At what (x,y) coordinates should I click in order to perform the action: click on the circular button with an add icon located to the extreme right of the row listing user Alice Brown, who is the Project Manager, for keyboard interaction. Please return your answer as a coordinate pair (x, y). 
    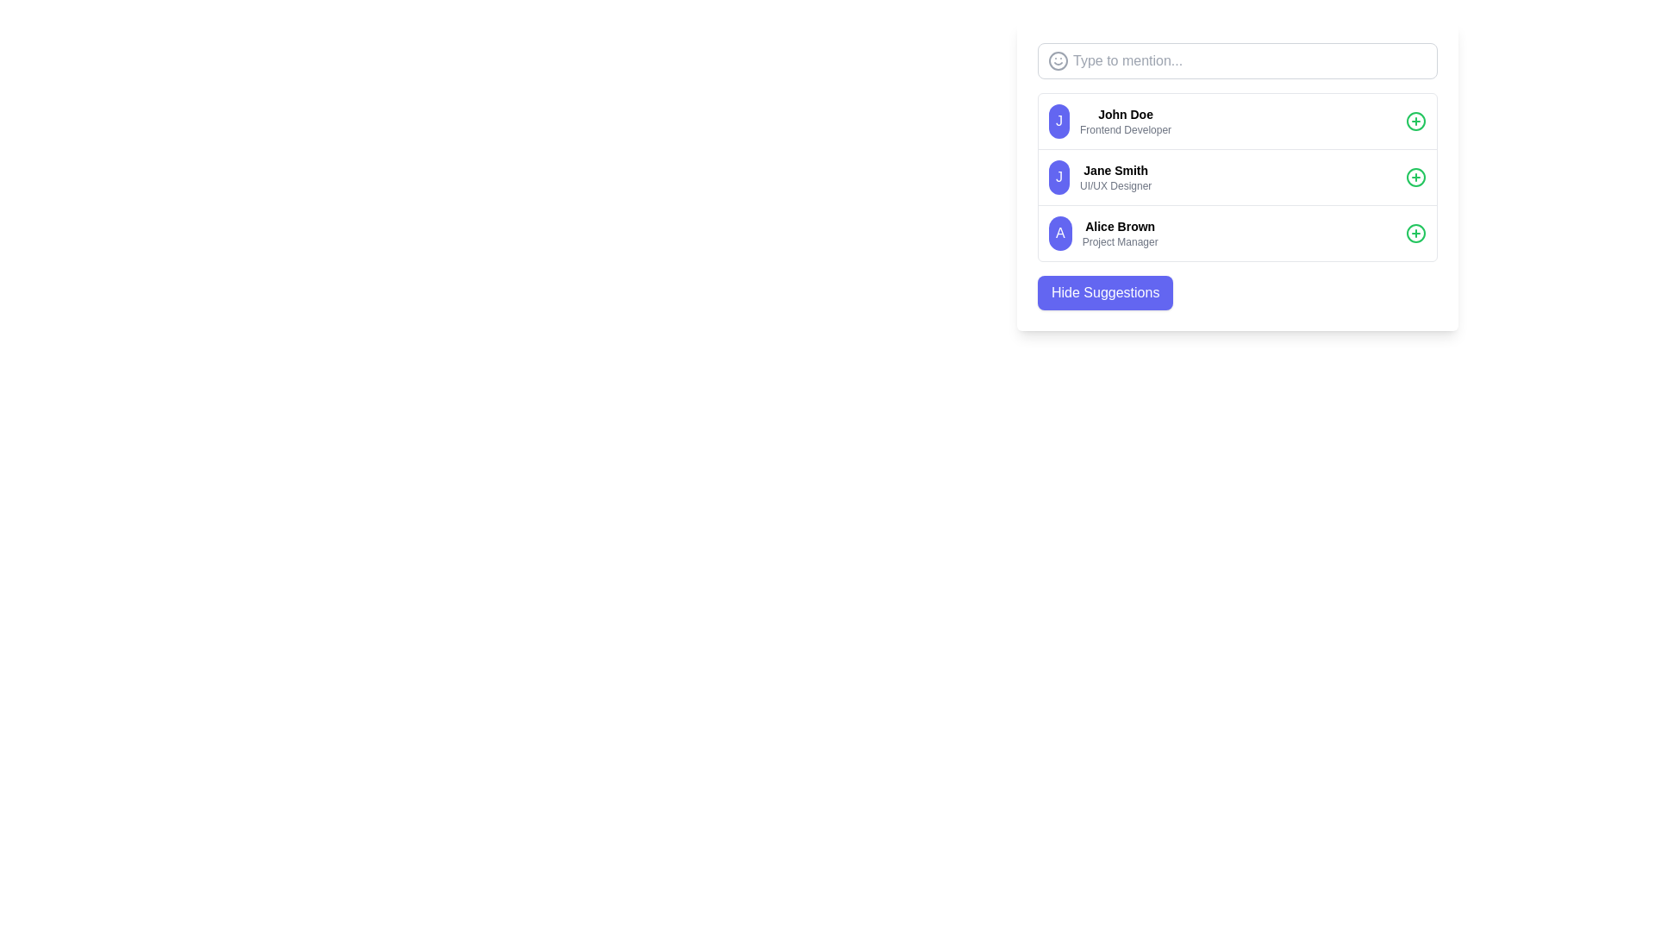
    Looking at the image, I should click on (1415, 233).